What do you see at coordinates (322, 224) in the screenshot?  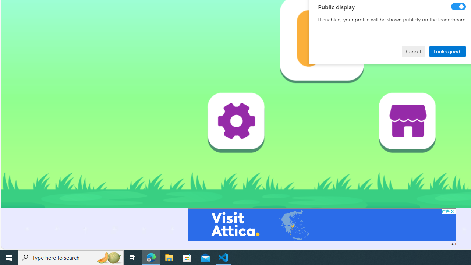 I see `'Advertisement'` at bounding box center [322, 224].